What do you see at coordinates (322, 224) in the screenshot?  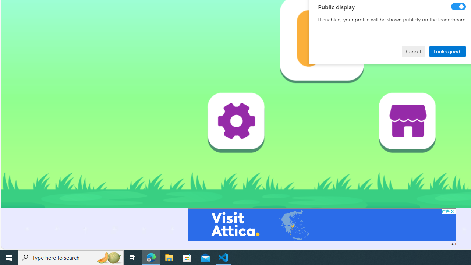 I see `'Advertisement'` at bounding box center [322, 224].